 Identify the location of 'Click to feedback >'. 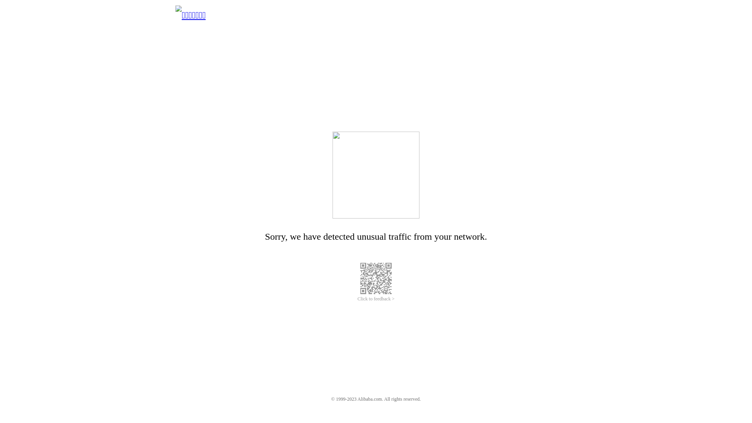
(376, 299).